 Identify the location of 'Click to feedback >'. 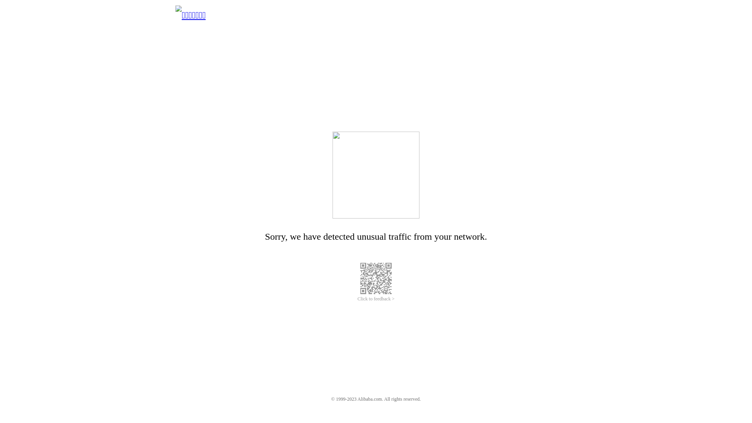
(376, 299).